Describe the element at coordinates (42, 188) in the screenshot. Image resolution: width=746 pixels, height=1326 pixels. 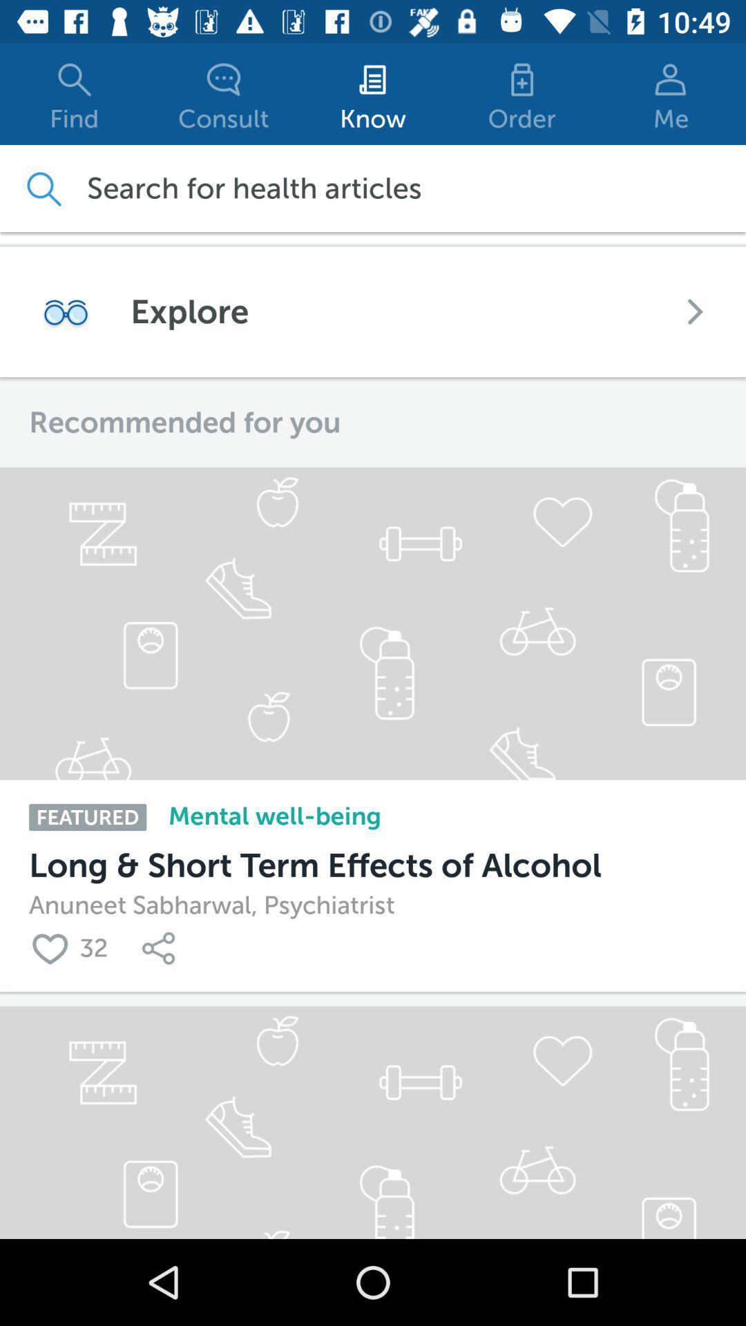
I see `search option` at that location.